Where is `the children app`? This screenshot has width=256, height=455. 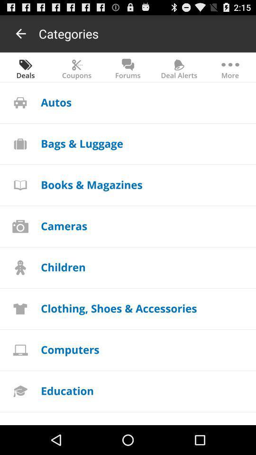
the children app is located at coordinates (63, 267).